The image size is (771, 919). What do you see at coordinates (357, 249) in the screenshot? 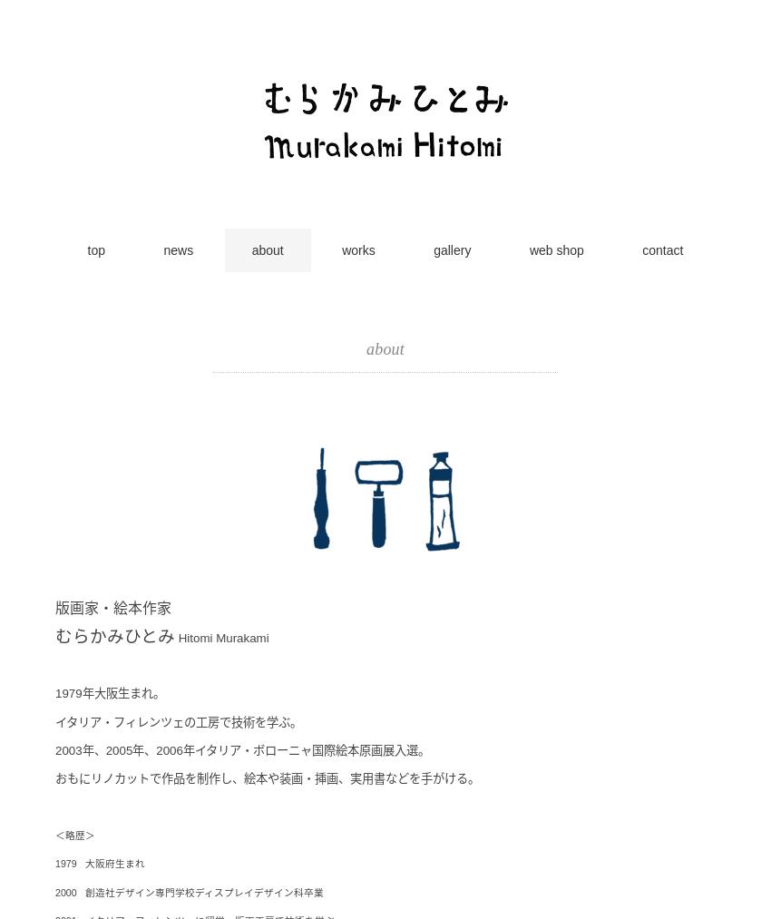
I see `'works'` at bounding box center [357, 249].